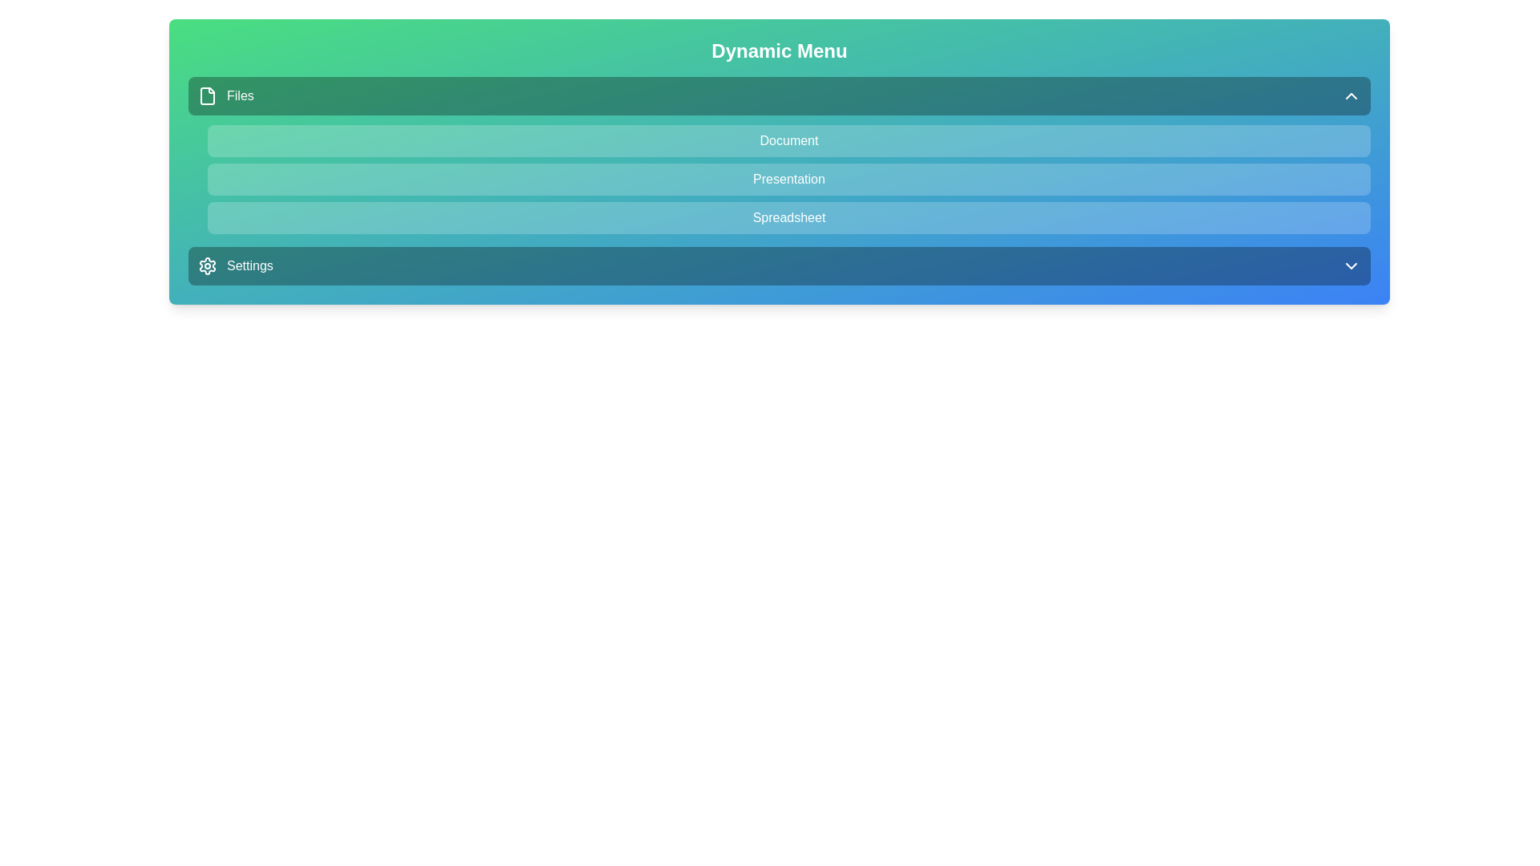  Describe the element at coordinates (207, 95) in the screenshot. I see `the SVG graphic element resembling a file icon located in the 'Files' section of the menu` at that location.